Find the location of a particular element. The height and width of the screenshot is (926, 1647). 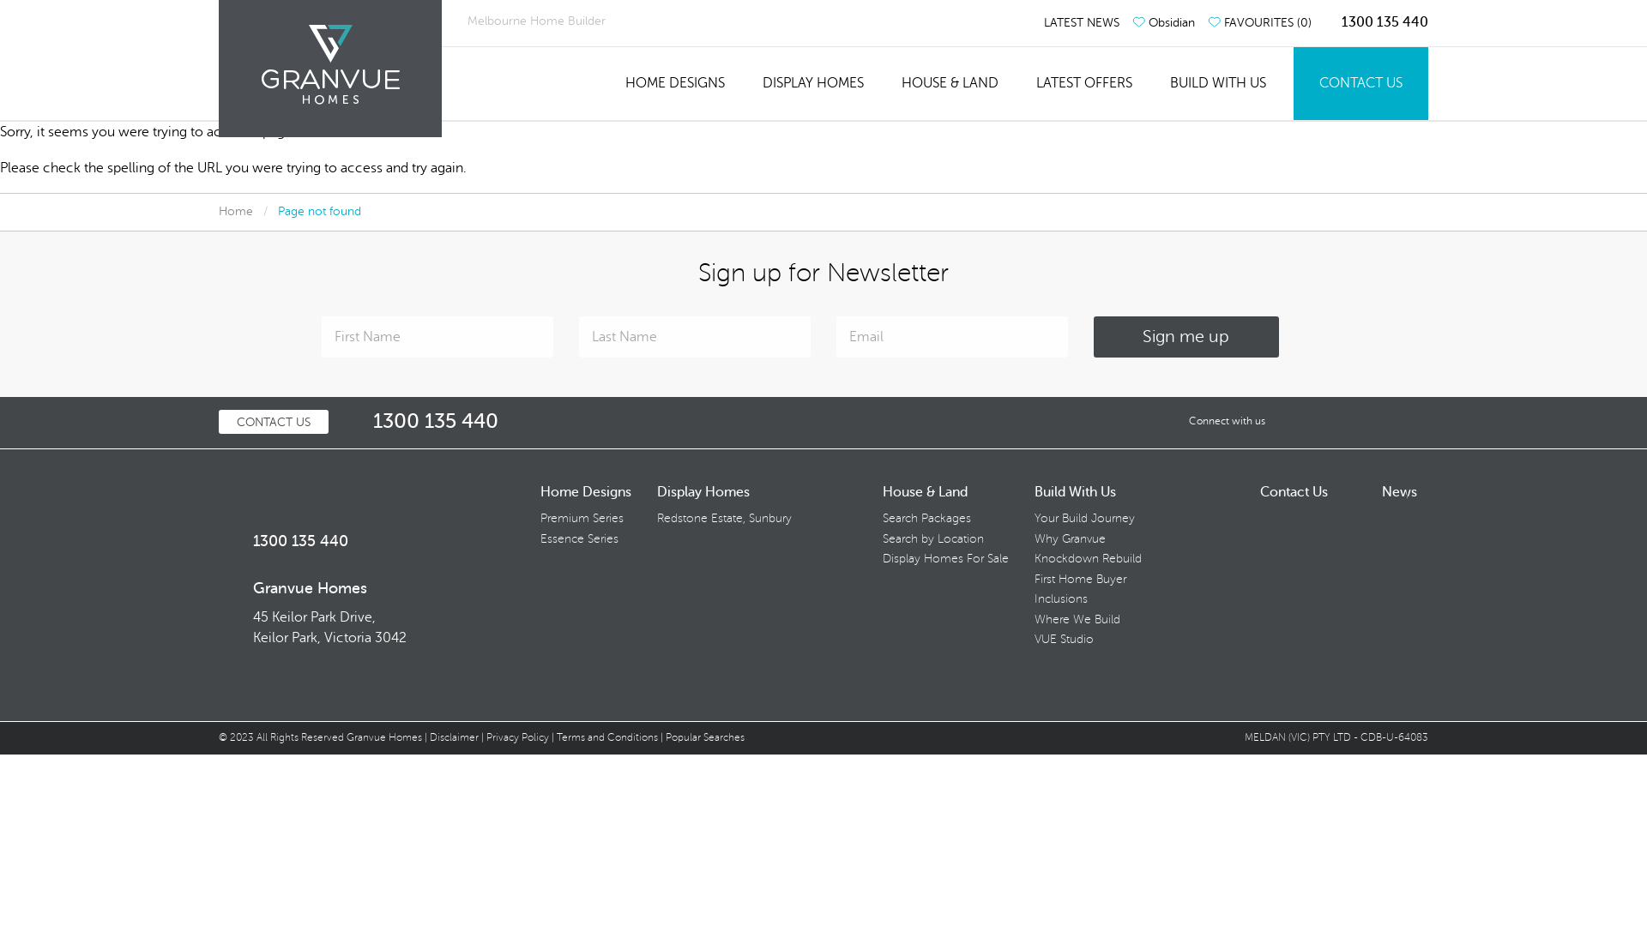

'Redstone Estate, Sunbury' is located at coordinates (724, 517).